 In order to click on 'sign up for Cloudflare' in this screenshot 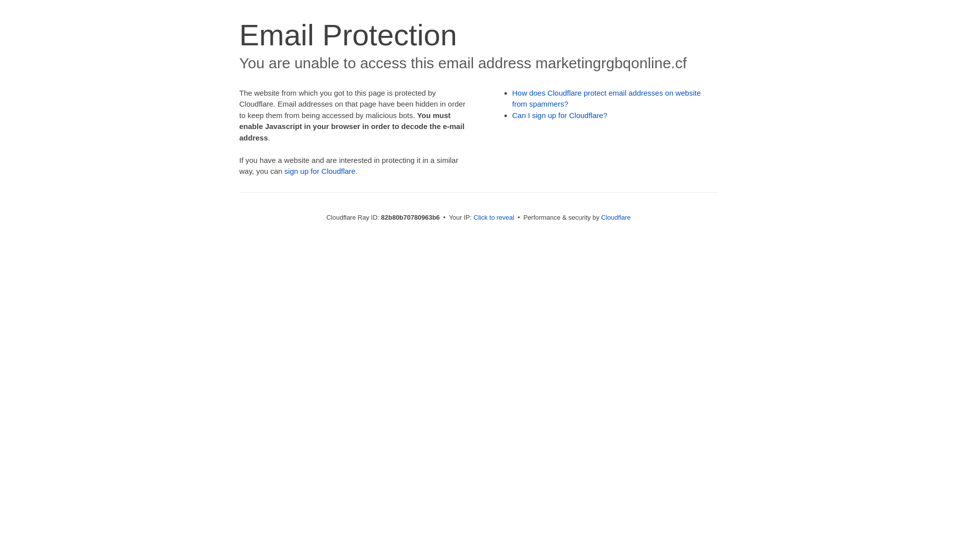, I will do `click(320, 170)`.